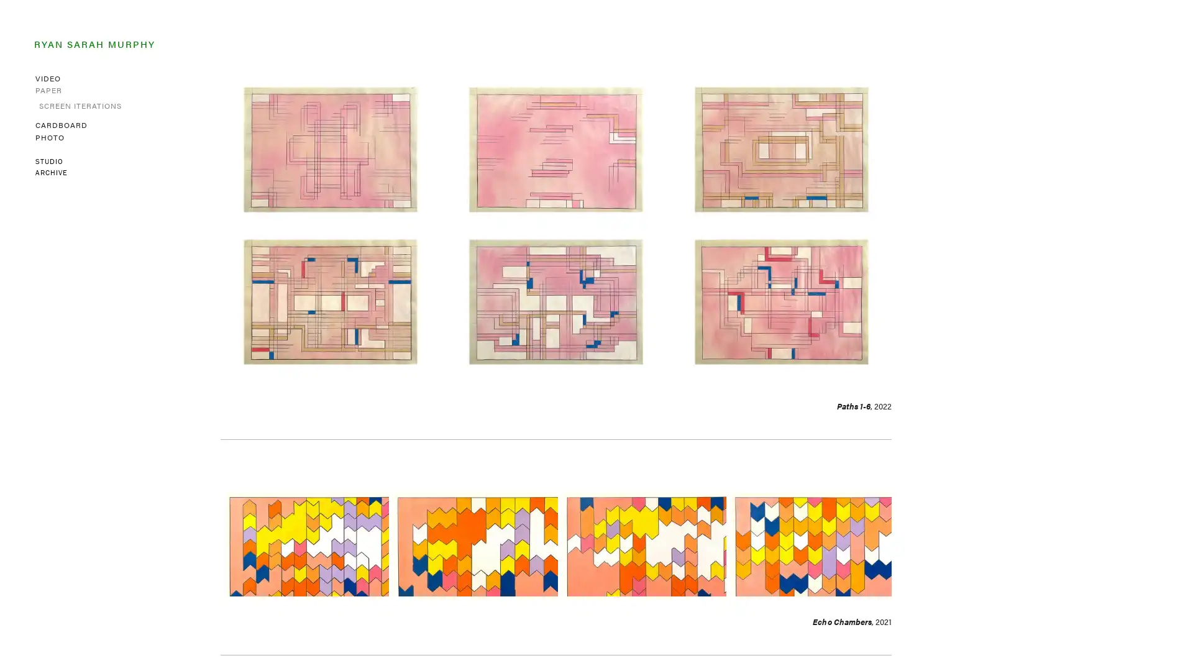 This screenshot has width=1193, height=671. Describe the element at coordinates (555, 301) in the screenshot. I see `View fullsize Path 5 , 2022 Spray paint, acrylic, colored pencil, graphite on graph paper 7.75 x 11 inches` at that location.